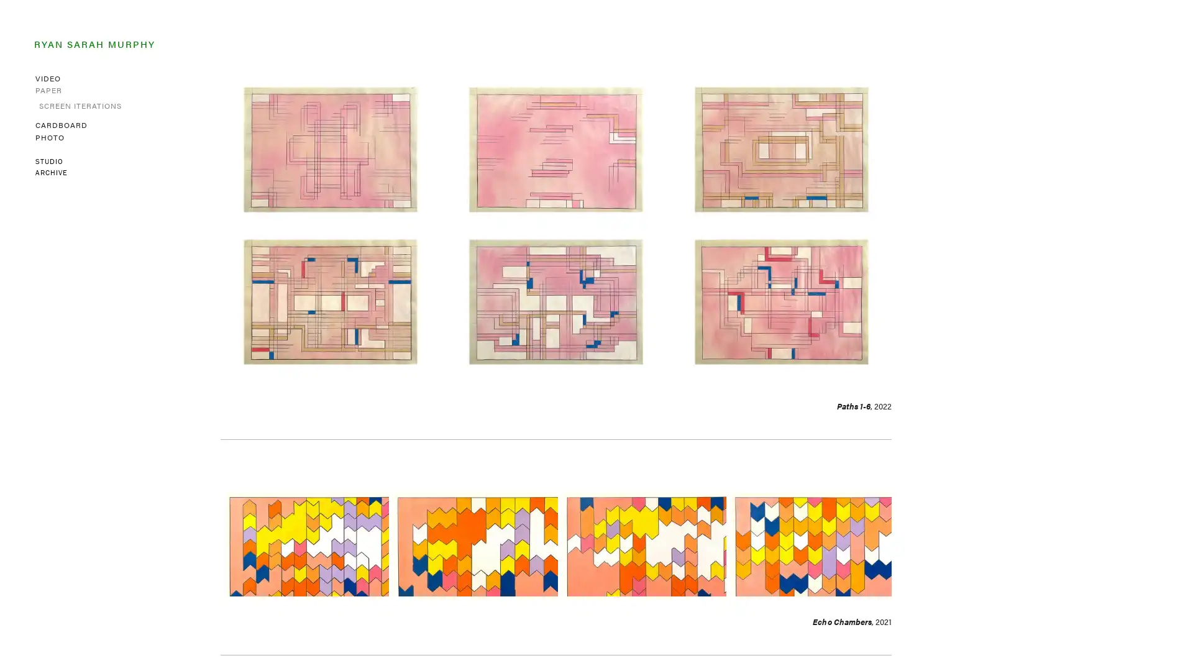 This screenshot has width=1193, height=671. Describe the element at coordinates (555, 301) in the screenshot. I see `View fullsize Path 5 , 2022 Spray paint, acrylic, colored pencil, graphite on graph paper 7.75 x 11 inches` at that location.